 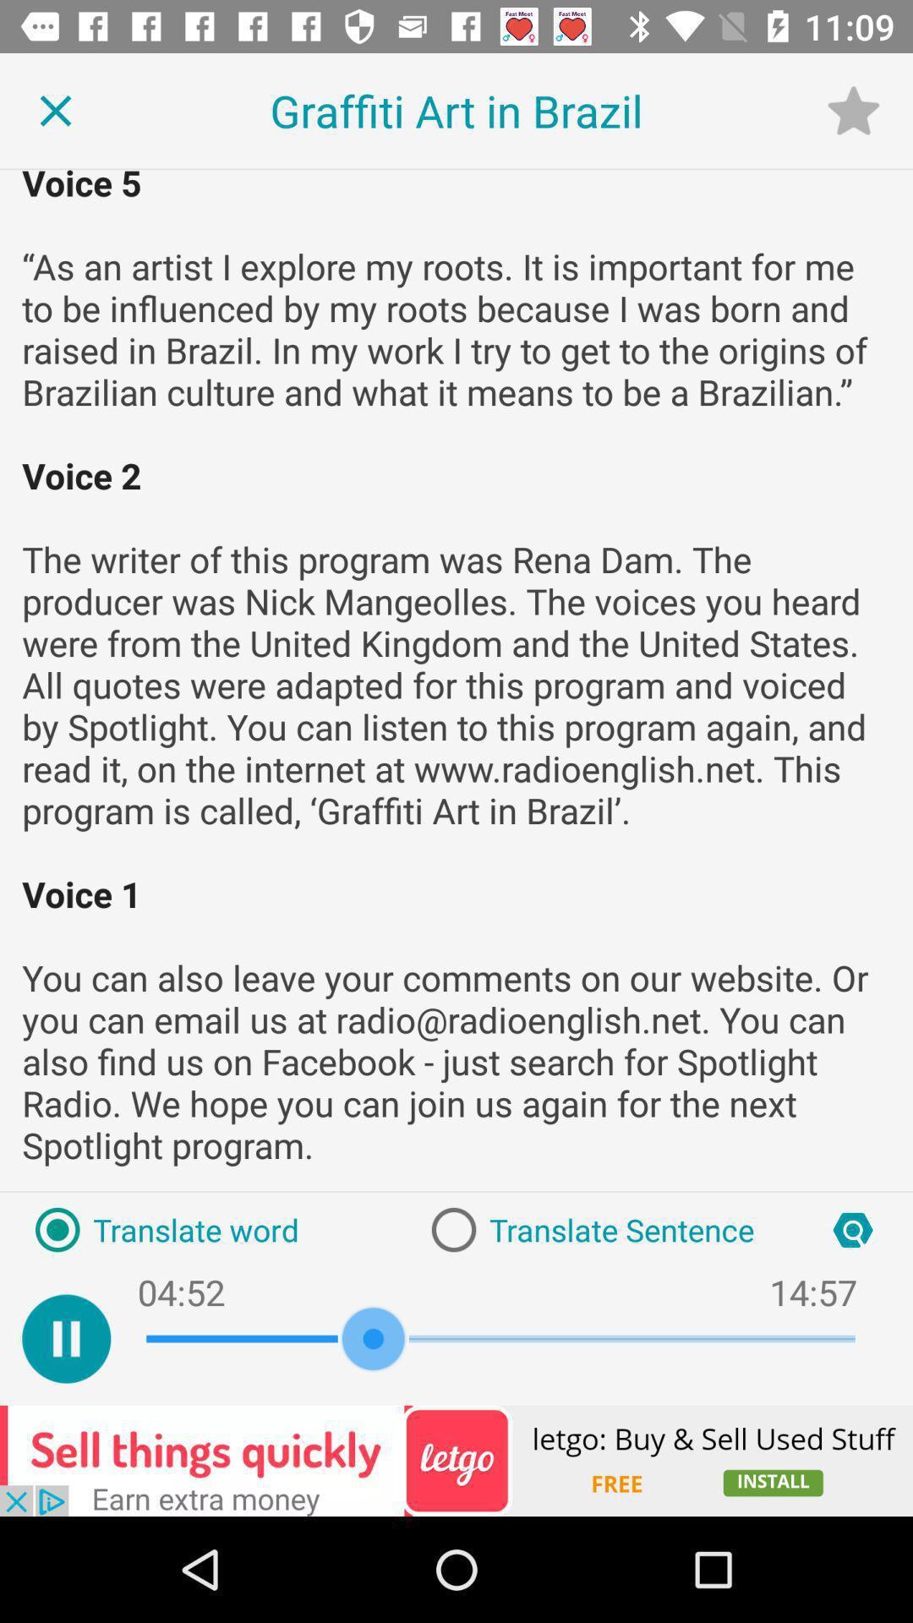 What do you see at coordinates (65, 1338) in the screenshot?
I see `the pause icon` at bounding box center [65, 1338].